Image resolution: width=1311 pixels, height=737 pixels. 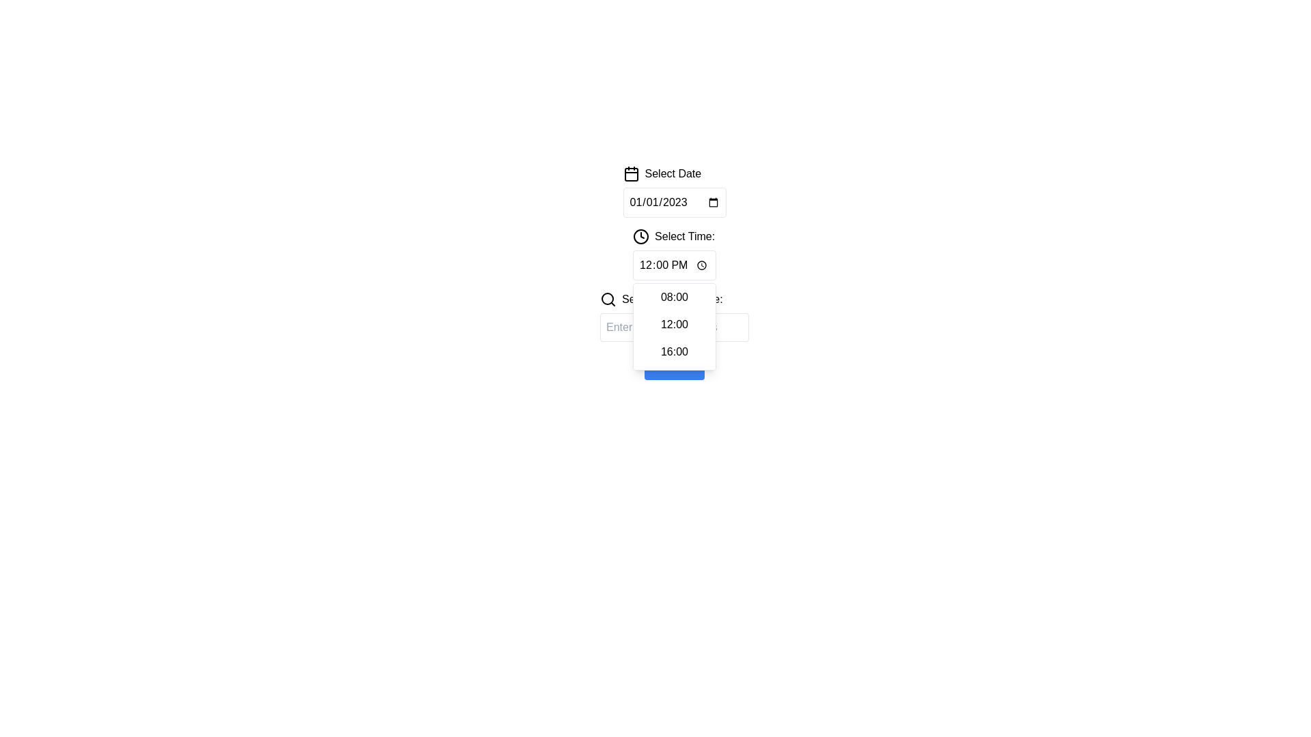 I want to click on label providing context for the associated text input field located at the top-center of the interface, directly above the text input field with the placeholder 'Enter search keywords', so click(x=675, y=299).